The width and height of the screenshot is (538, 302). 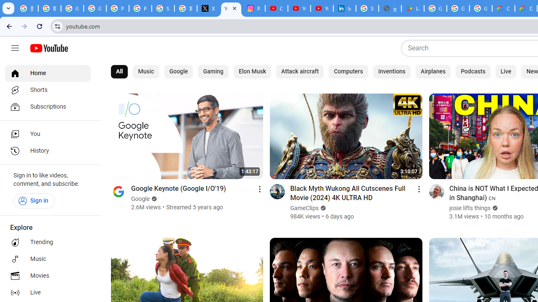 What do you see at coordinates (15, 48) in the screenshot?
I see `'Guide'` at bounding box center [15, 48].